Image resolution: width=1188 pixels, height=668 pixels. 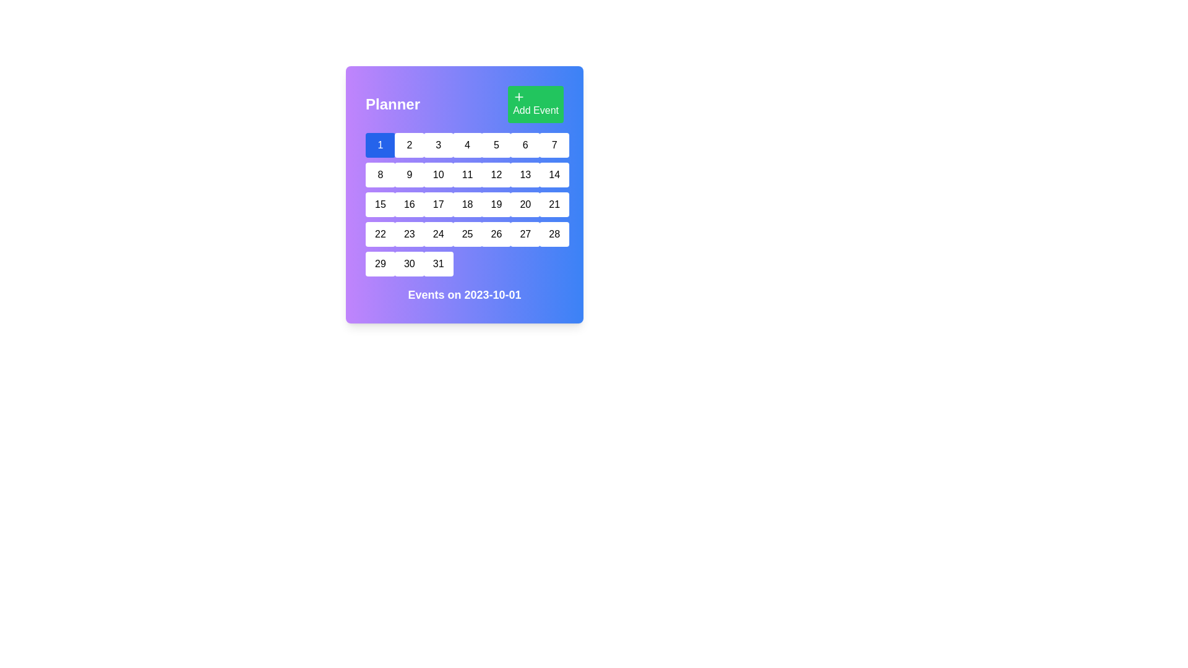 What do you see at coordinates (496, 204) in the screenshot?
I see `the calendar day button representing the 19th day of the month` at bounding box center [496, 204].